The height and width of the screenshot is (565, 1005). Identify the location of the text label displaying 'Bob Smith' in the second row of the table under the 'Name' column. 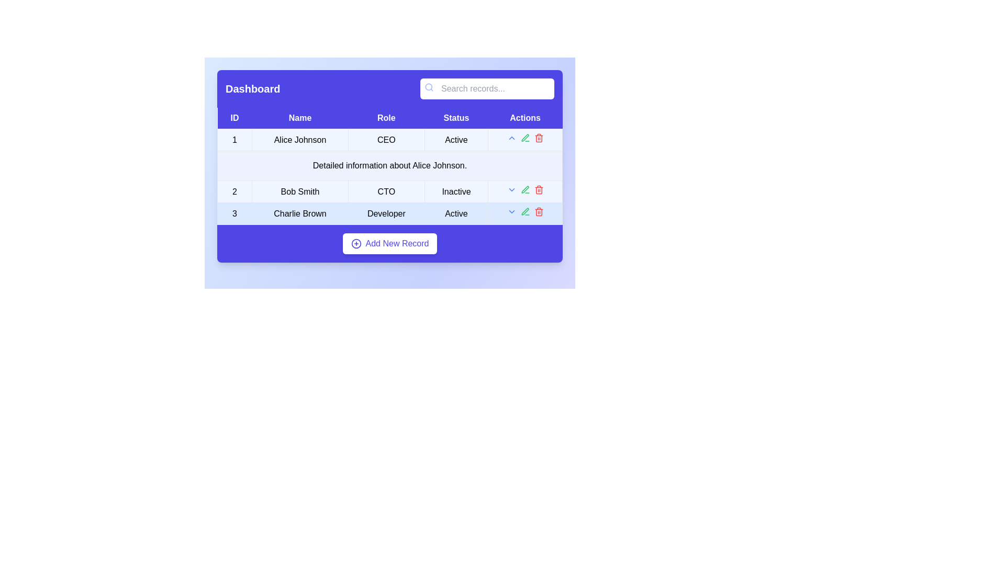
(299, 191).